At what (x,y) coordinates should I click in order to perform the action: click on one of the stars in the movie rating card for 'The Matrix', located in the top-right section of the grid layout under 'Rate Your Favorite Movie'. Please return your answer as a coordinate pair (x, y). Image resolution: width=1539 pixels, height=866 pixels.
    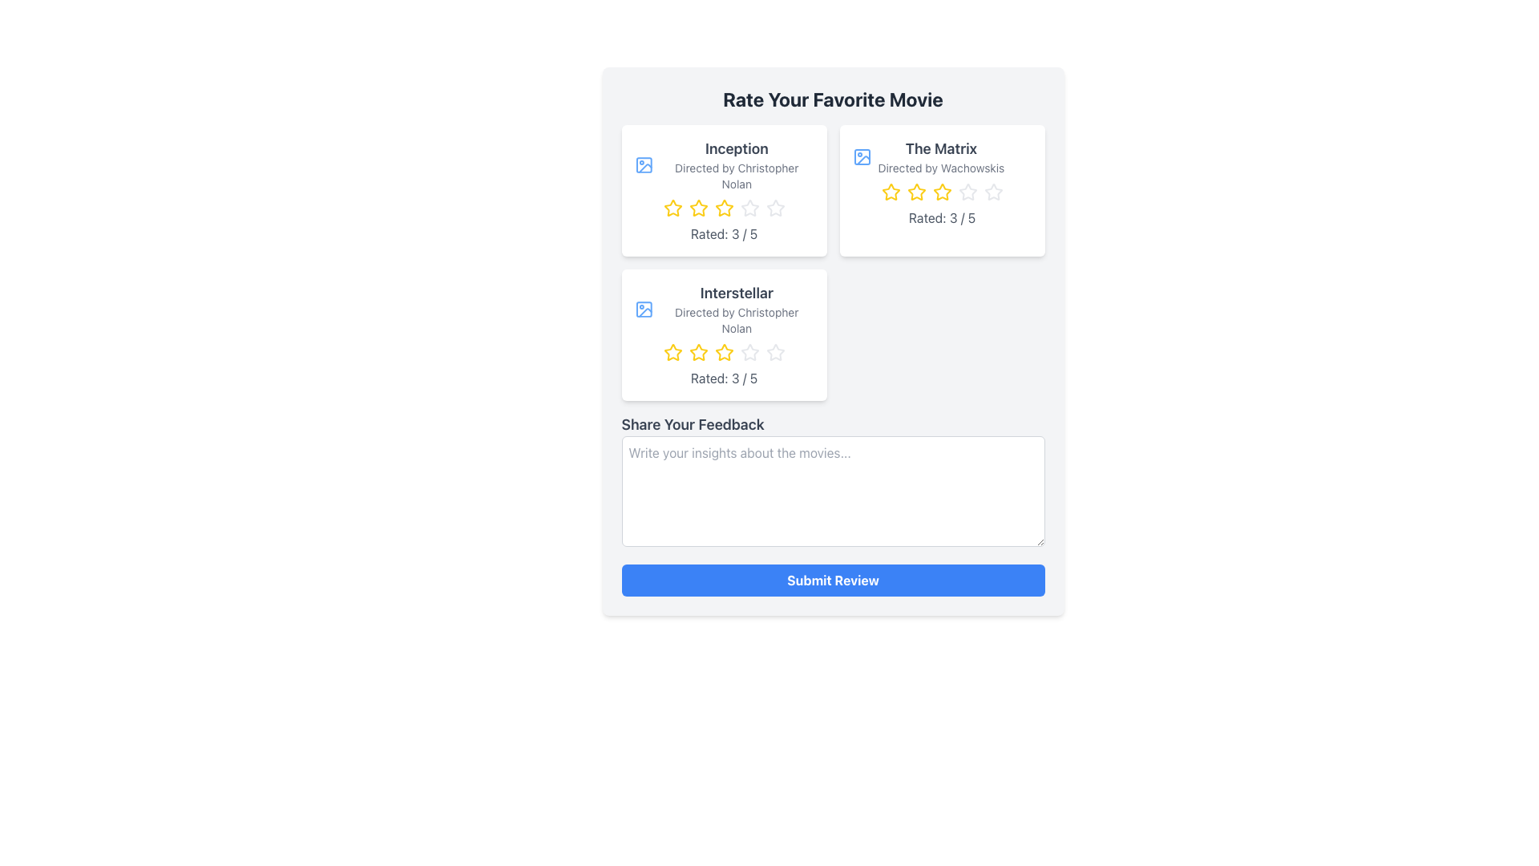
    Looking at the image, I should click on (942, 190).